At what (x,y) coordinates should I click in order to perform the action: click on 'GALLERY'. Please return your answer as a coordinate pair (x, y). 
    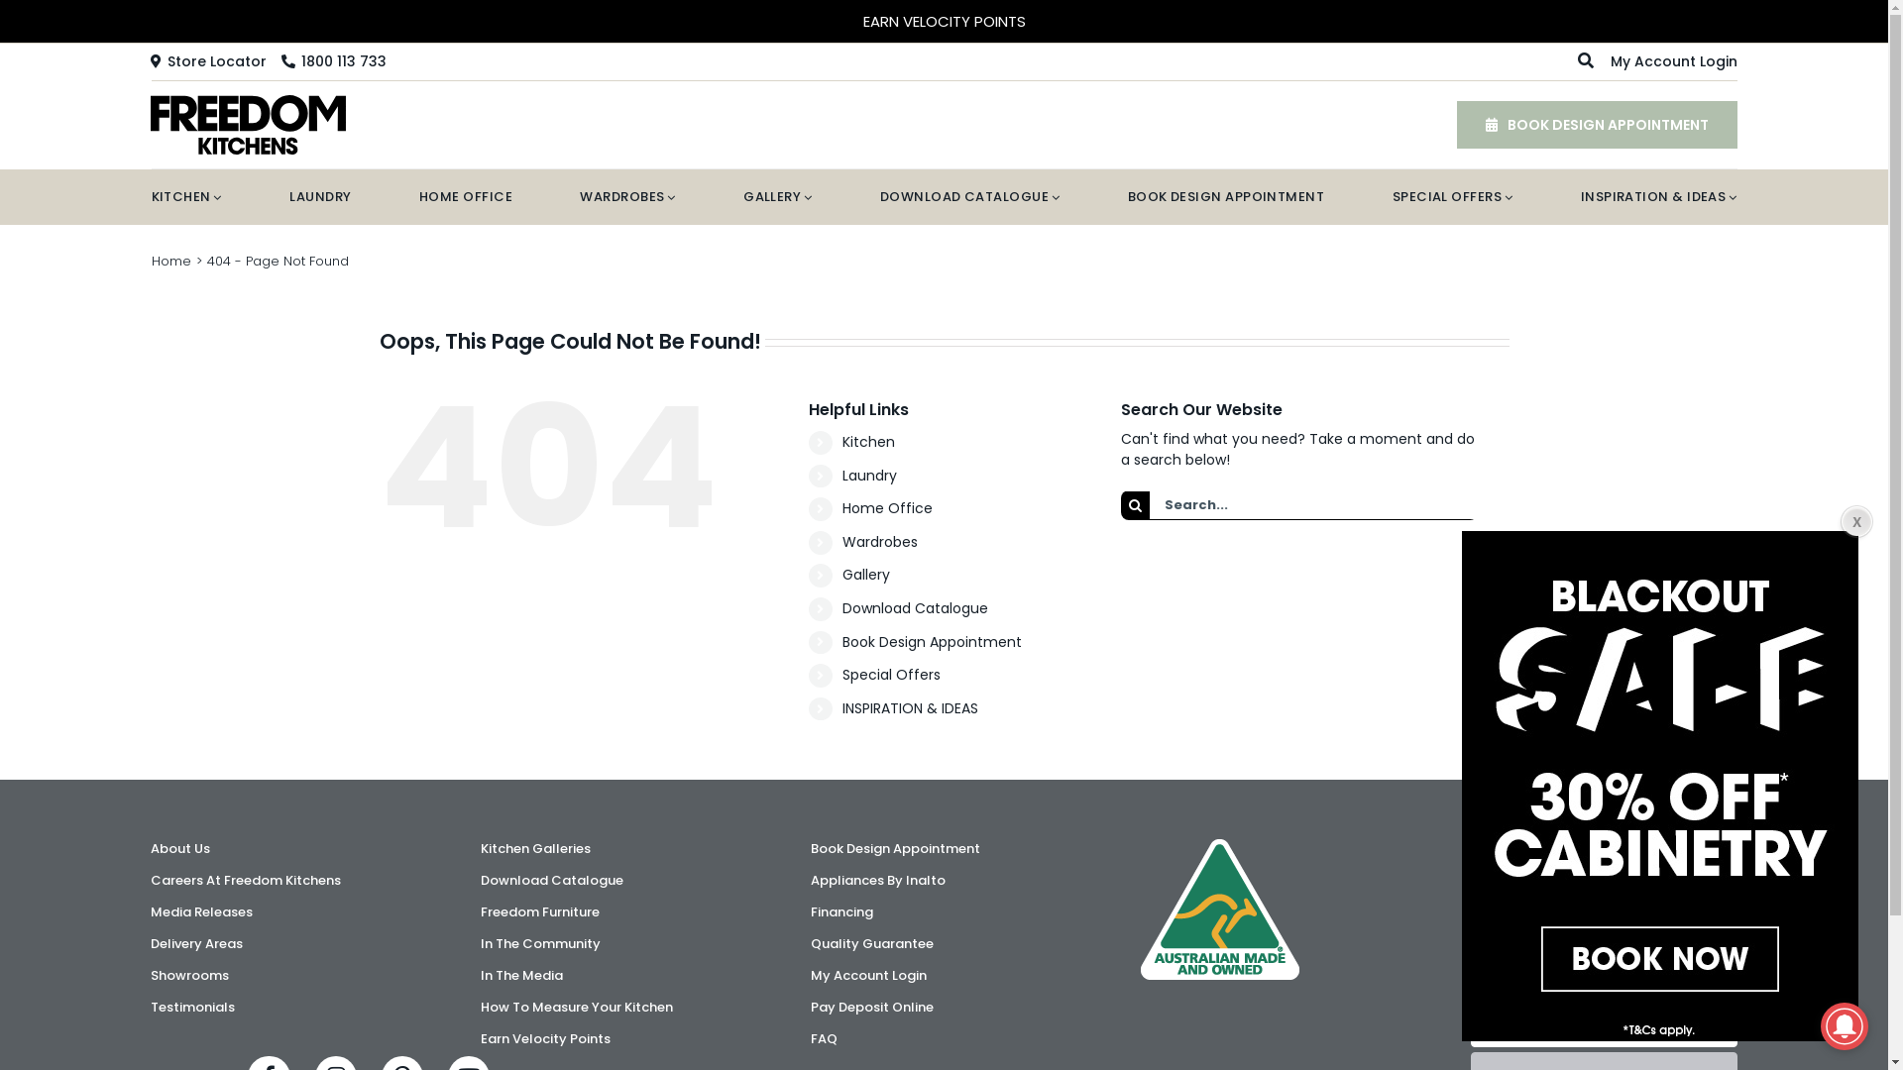
    Looking at the image, I should click on (776, 197).